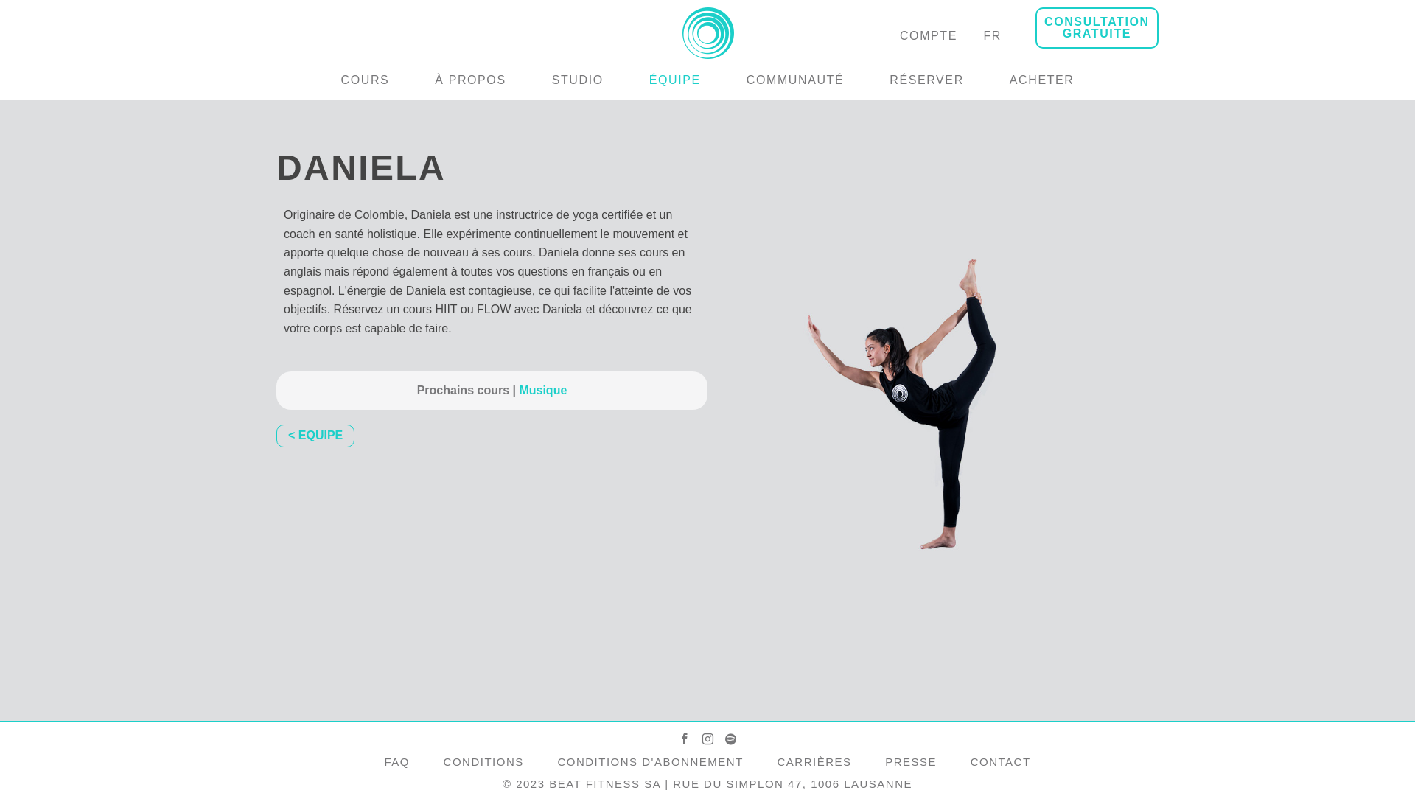  Describe the element at coordinates (416, 389) in the screenshot. I see `'Prochains cours'` at that location.